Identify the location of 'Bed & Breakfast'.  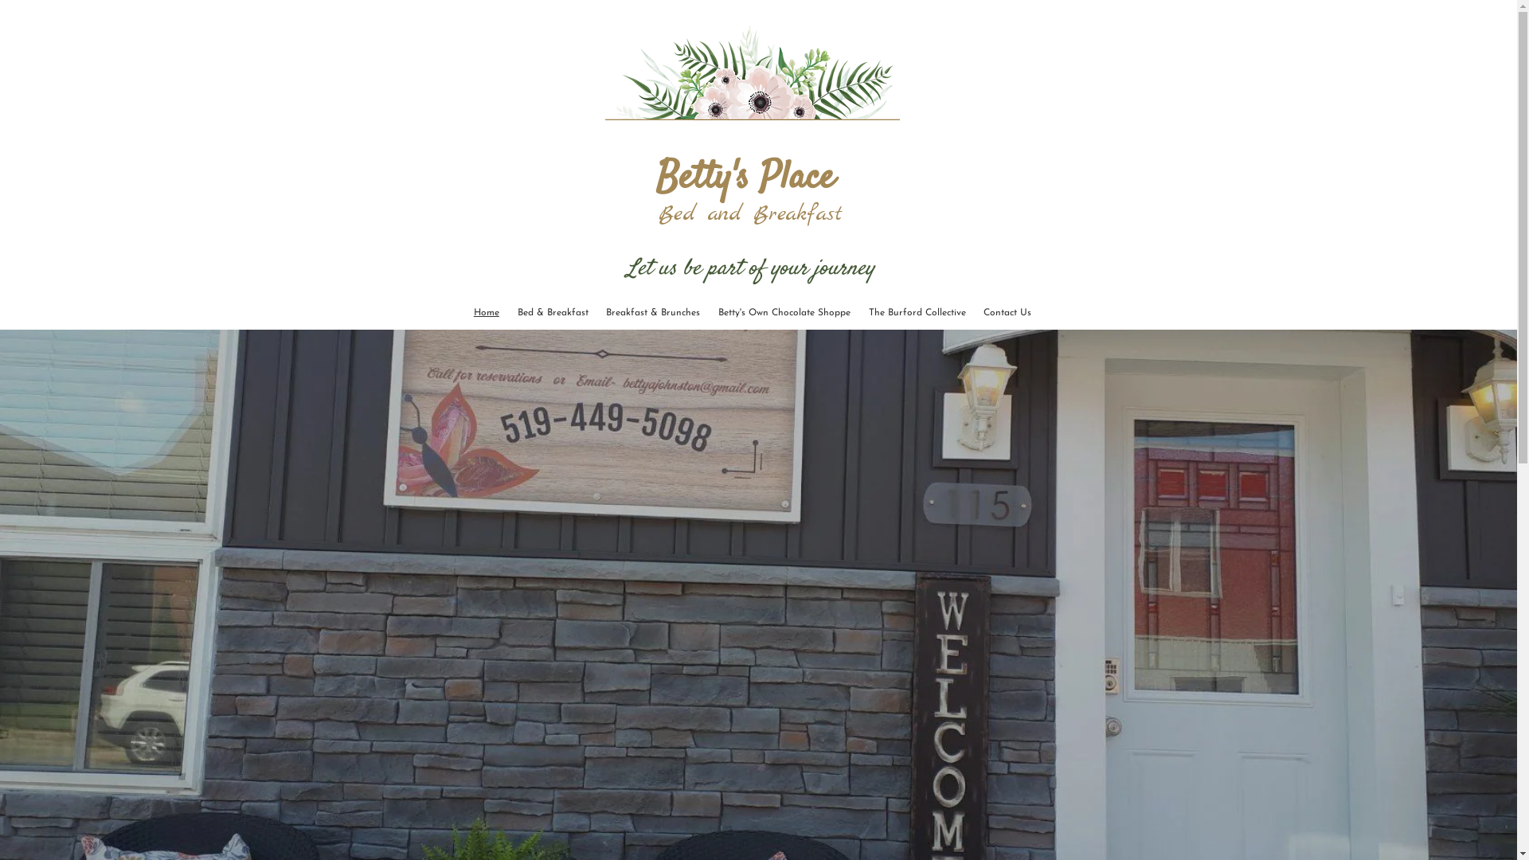
(553, 313).